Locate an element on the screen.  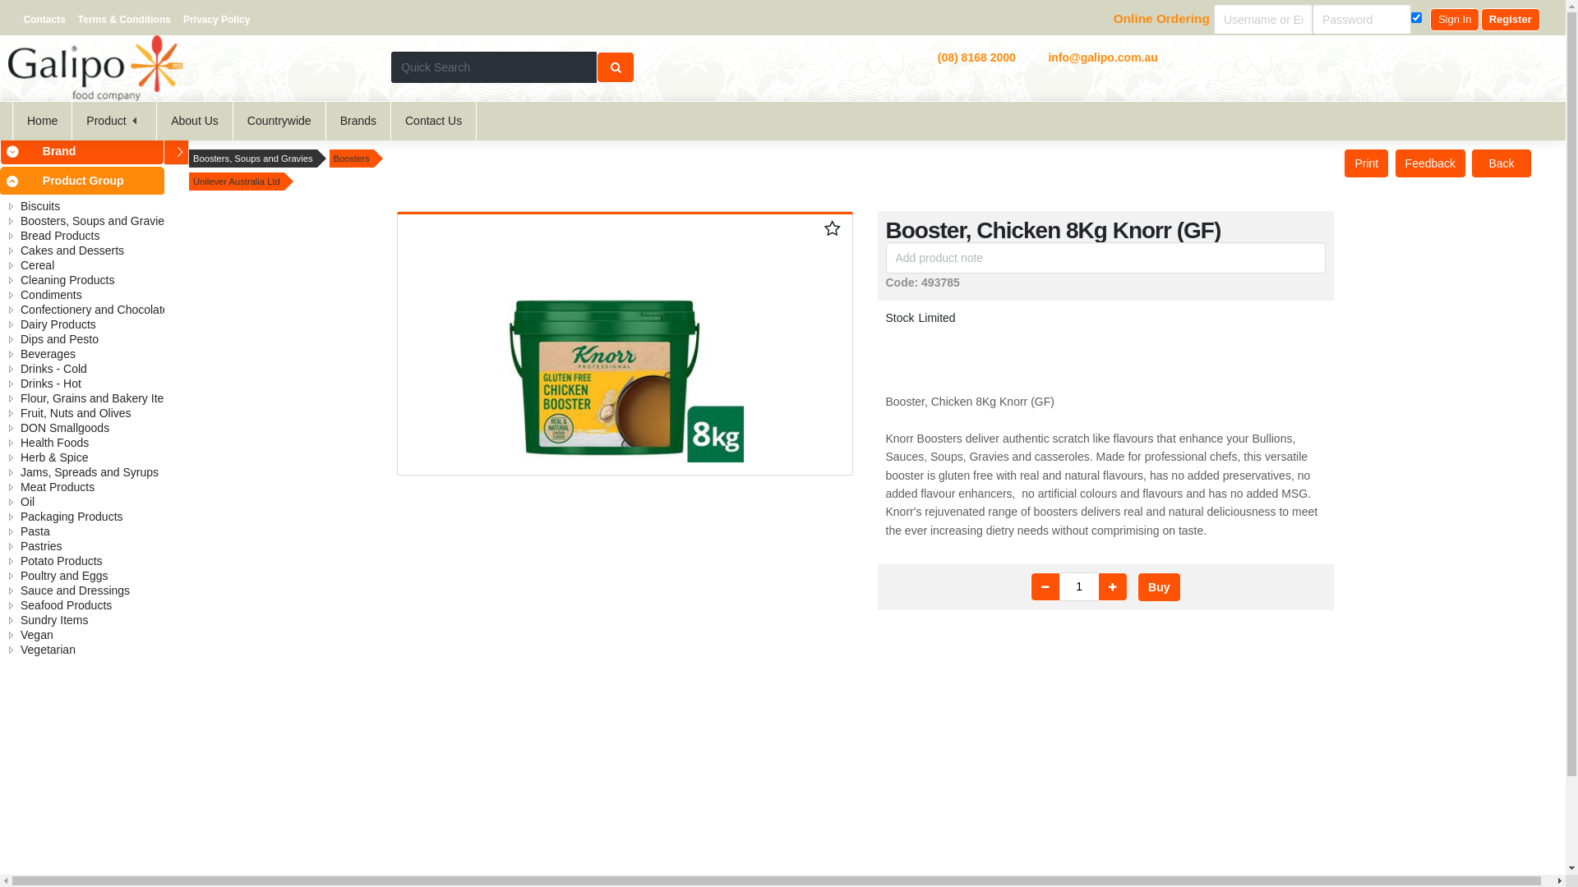
'Search' is located at coordinates (614, 66).